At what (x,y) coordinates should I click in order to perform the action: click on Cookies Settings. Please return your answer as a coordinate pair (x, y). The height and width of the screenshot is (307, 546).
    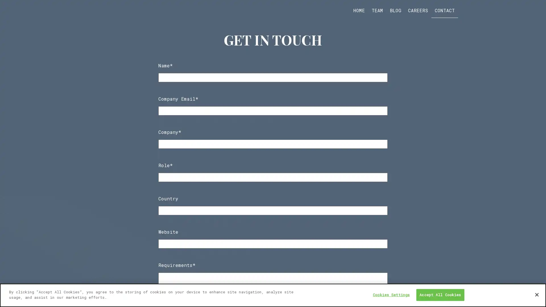
    Looking at the image, I should click on (391, 294).